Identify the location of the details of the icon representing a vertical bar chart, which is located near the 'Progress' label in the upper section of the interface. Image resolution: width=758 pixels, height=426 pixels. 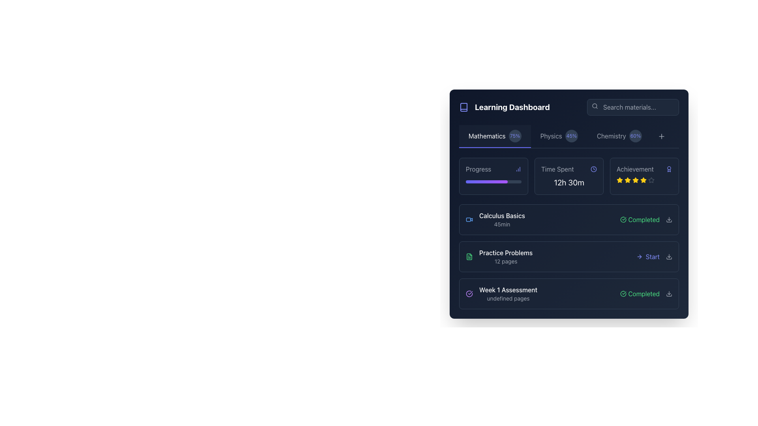
(518, 168).